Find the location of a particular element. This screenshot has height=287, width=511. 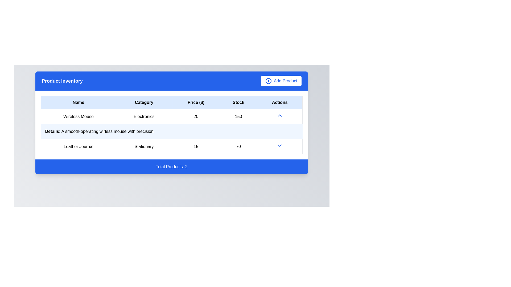

the 'Price ($)' text label, which is a bold black font centered in a light blue rectangular cell, positioned third among the column headers 'Name', 'Category', 'Stock', and 'Actions' is located at coordinates (196, 102).